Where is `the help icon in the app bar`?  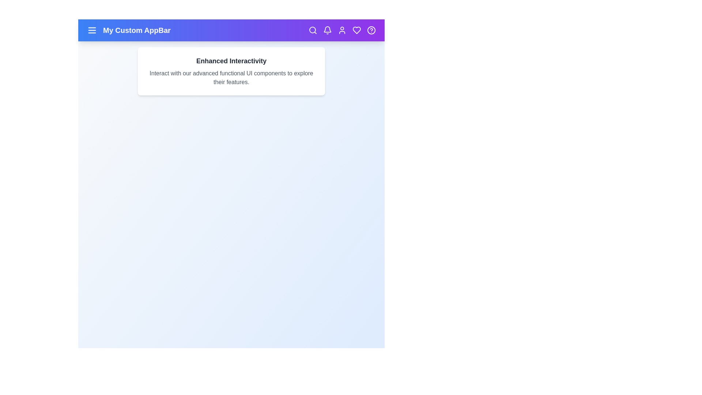
the help icon in the app bar is located at coordinates (371, 30).